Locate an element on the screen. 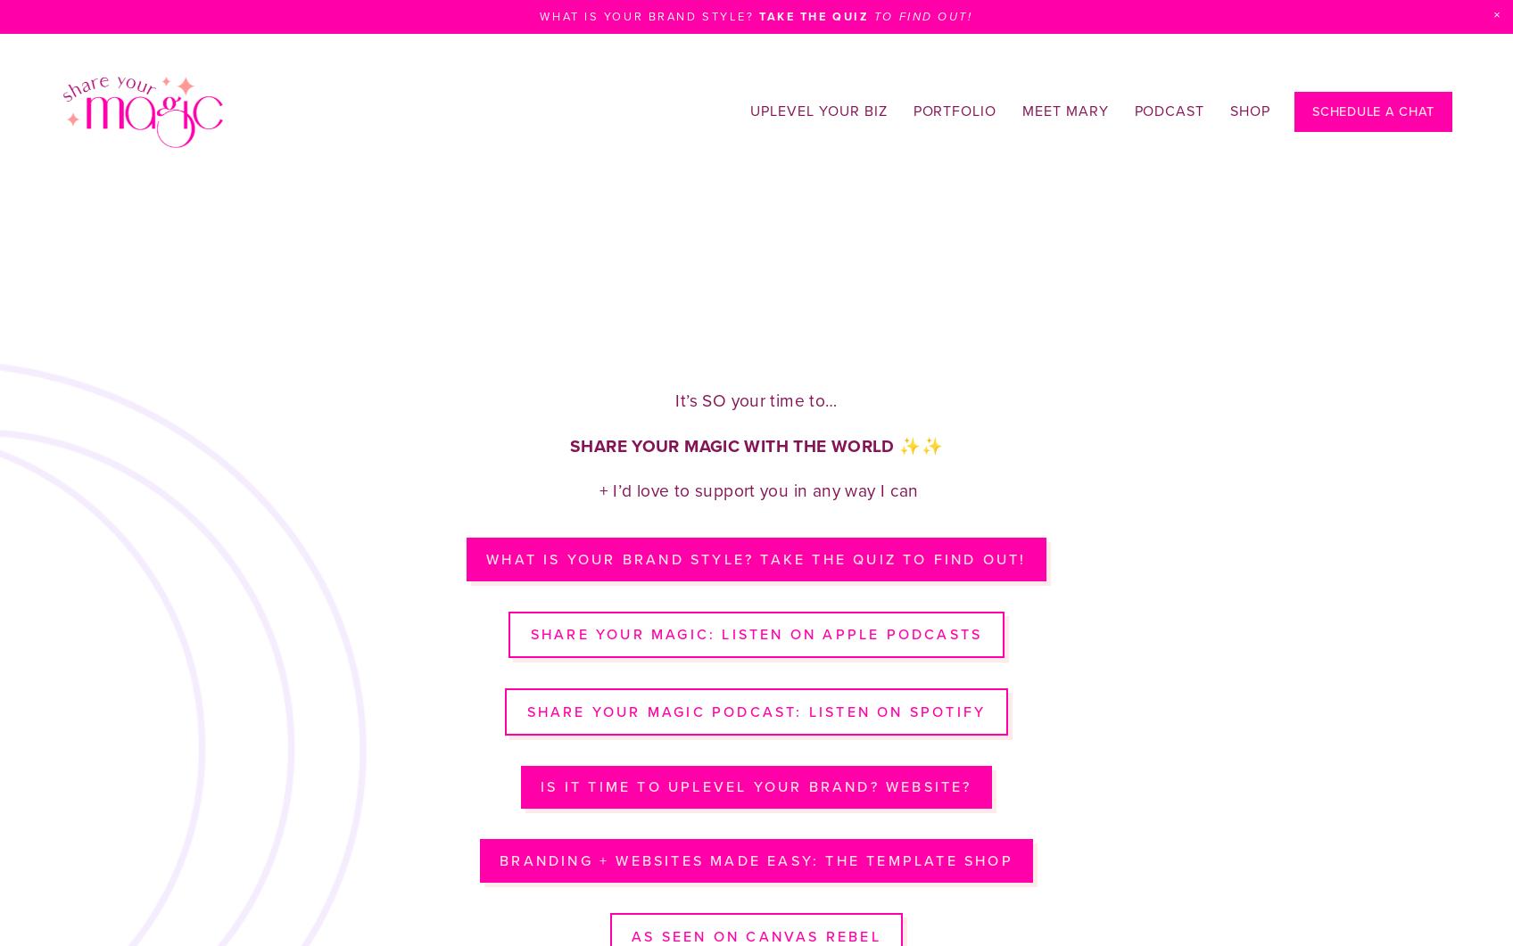 This screenshot has width=1513, height=946. 'Website Design for Therapists, Psychologists, Wellness Brands' is located at coordinates (467, 163).